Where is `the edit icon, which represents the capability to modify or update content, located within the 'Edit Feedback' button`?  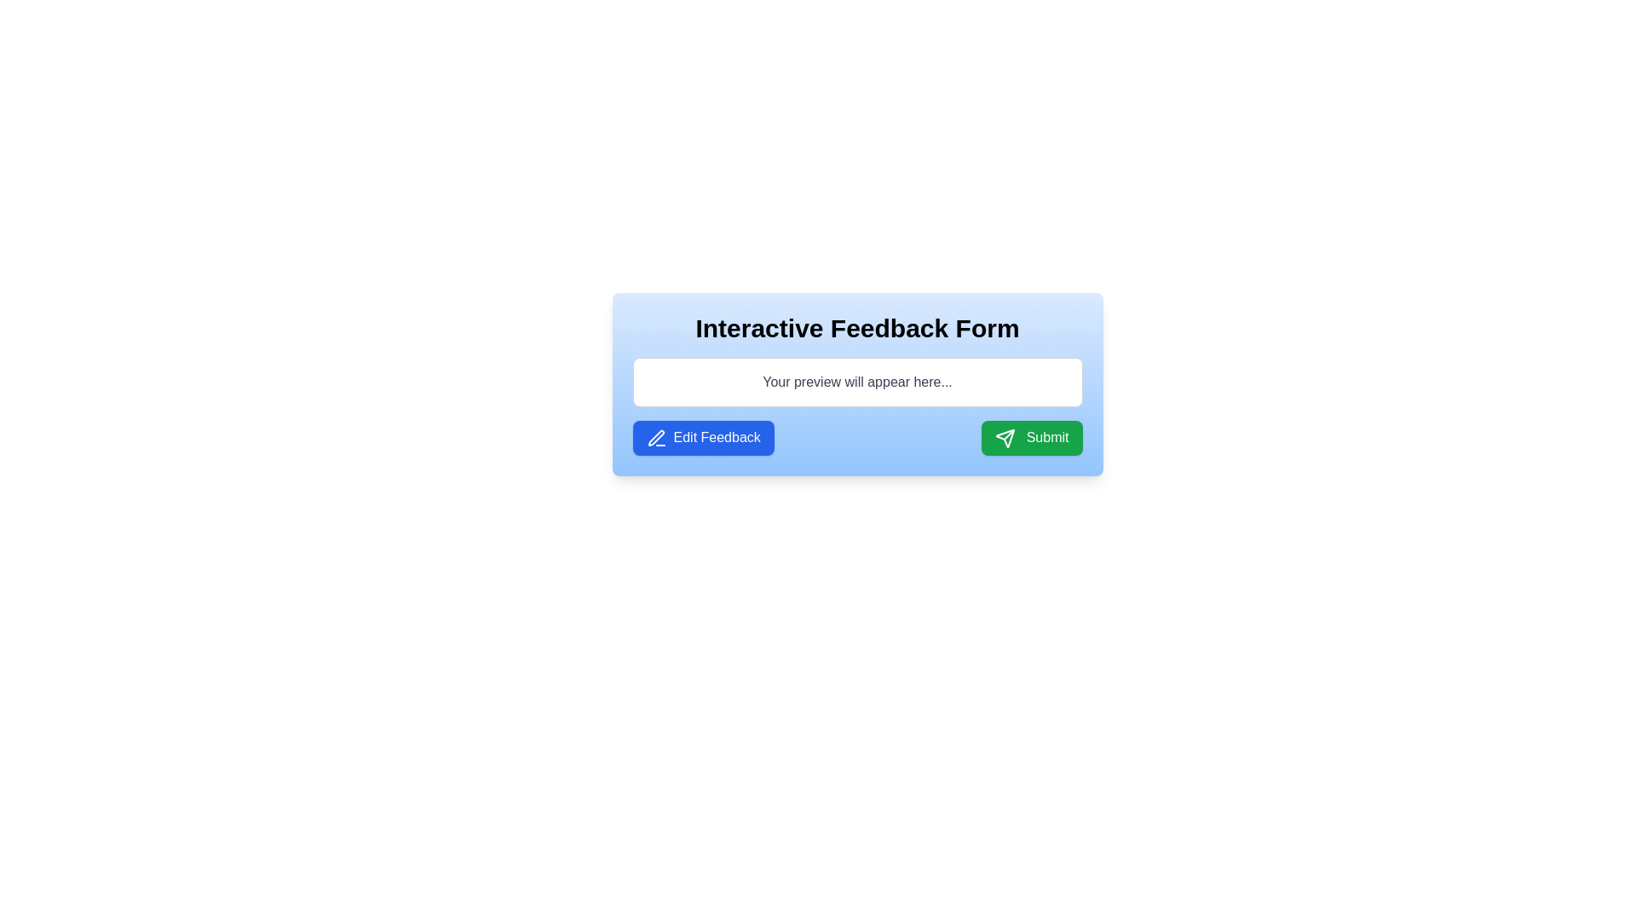 the edit icon, which represents the capability to modify or update content, located within the 'Edit Feedback' button is located at coordinates (654, 437).